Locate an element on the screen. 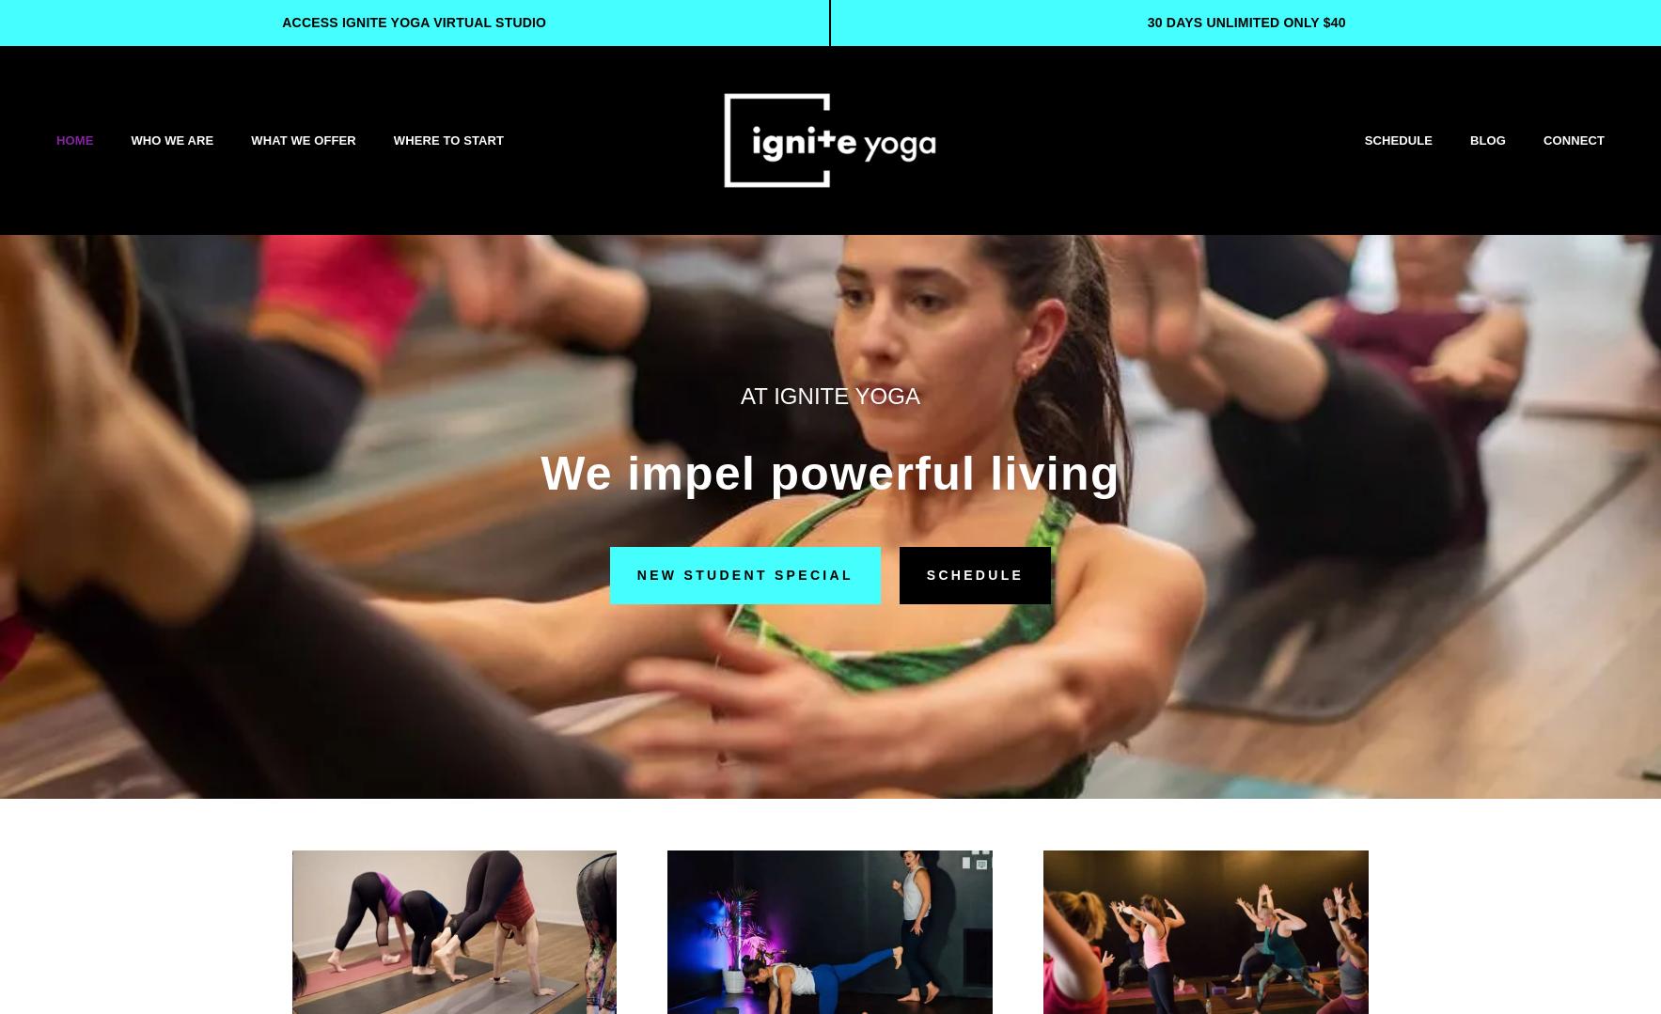 This screenshot has width=1661, height=1014. 'What We Offer' is located at coordinates (249, 138).